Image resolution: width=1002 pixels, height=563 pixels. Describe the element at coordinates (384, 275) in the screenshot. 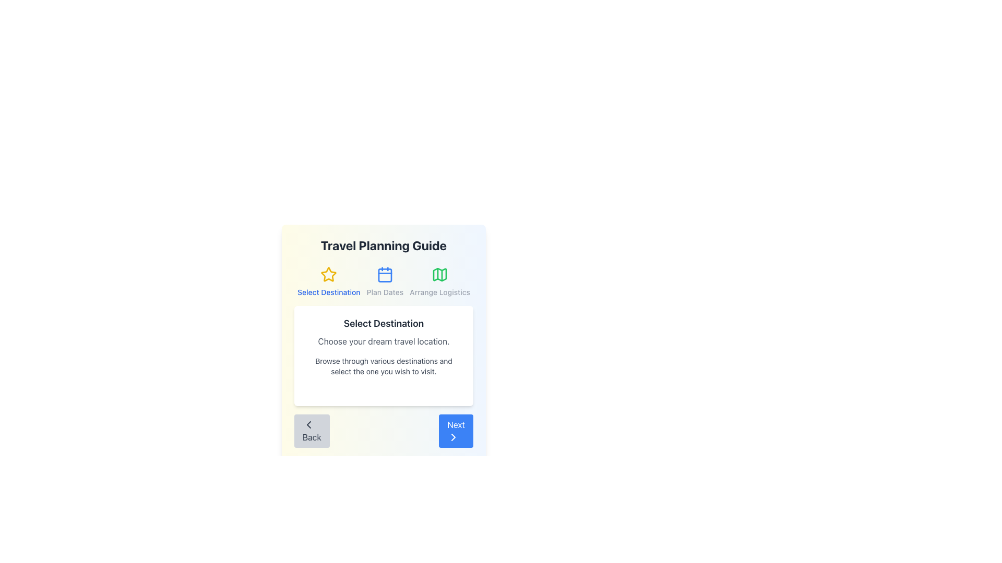

I see `the Decorative SVG element that is part of the minimalist calendar icon, located centrally within the calendar icon at the top section of the interface` at that location.